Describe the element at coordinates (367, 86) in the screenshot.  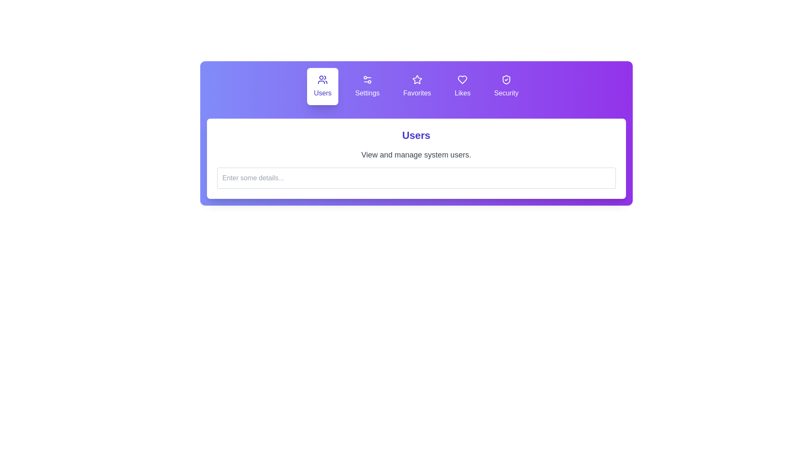
I see `the tab labeled Settings to view its description` at that location.